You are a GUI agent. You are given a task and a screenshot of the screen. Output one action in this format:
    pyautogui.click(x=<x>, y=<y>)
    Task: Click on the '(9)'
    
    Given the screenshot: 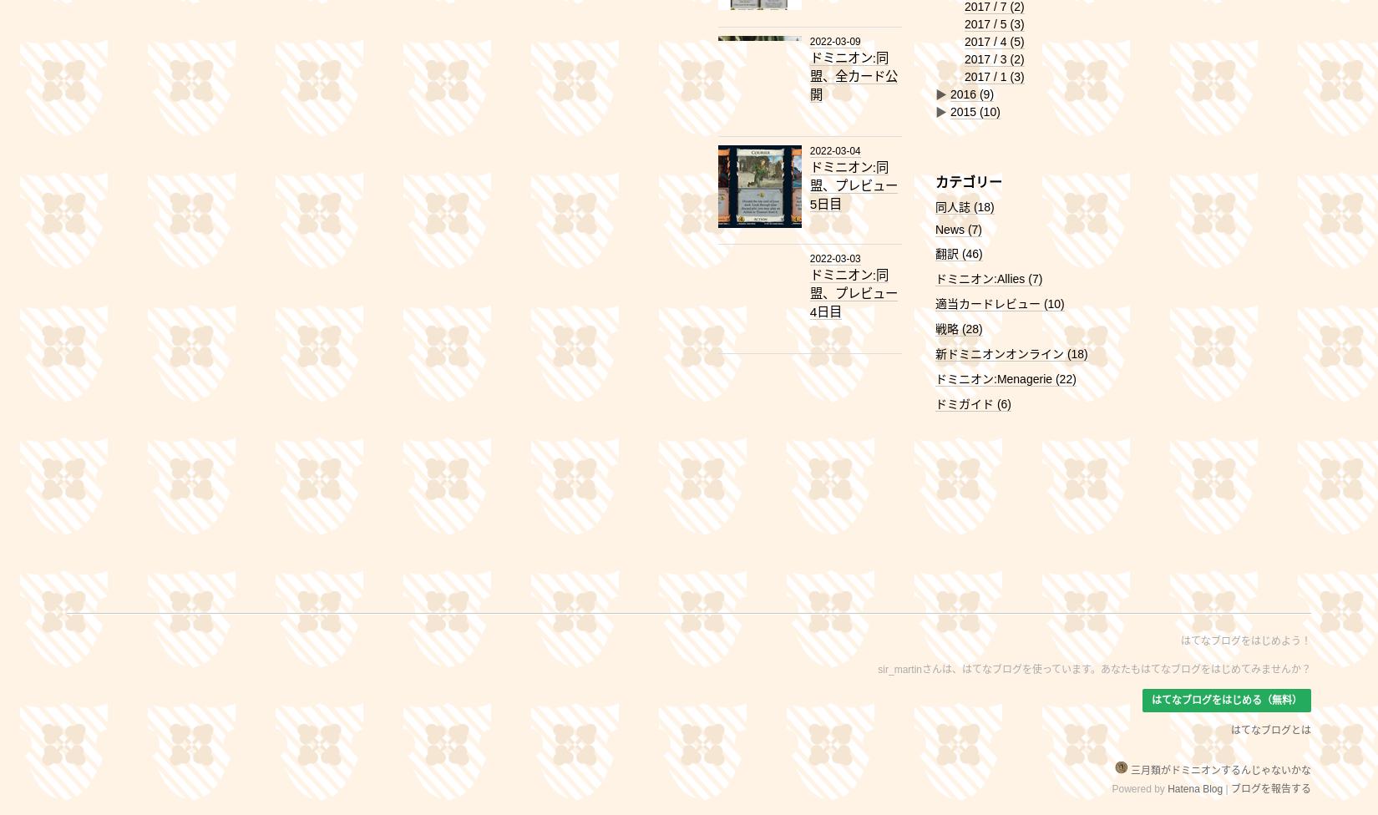 What is the action you would take?
    pyautogui.click(x=986, y=94)
    